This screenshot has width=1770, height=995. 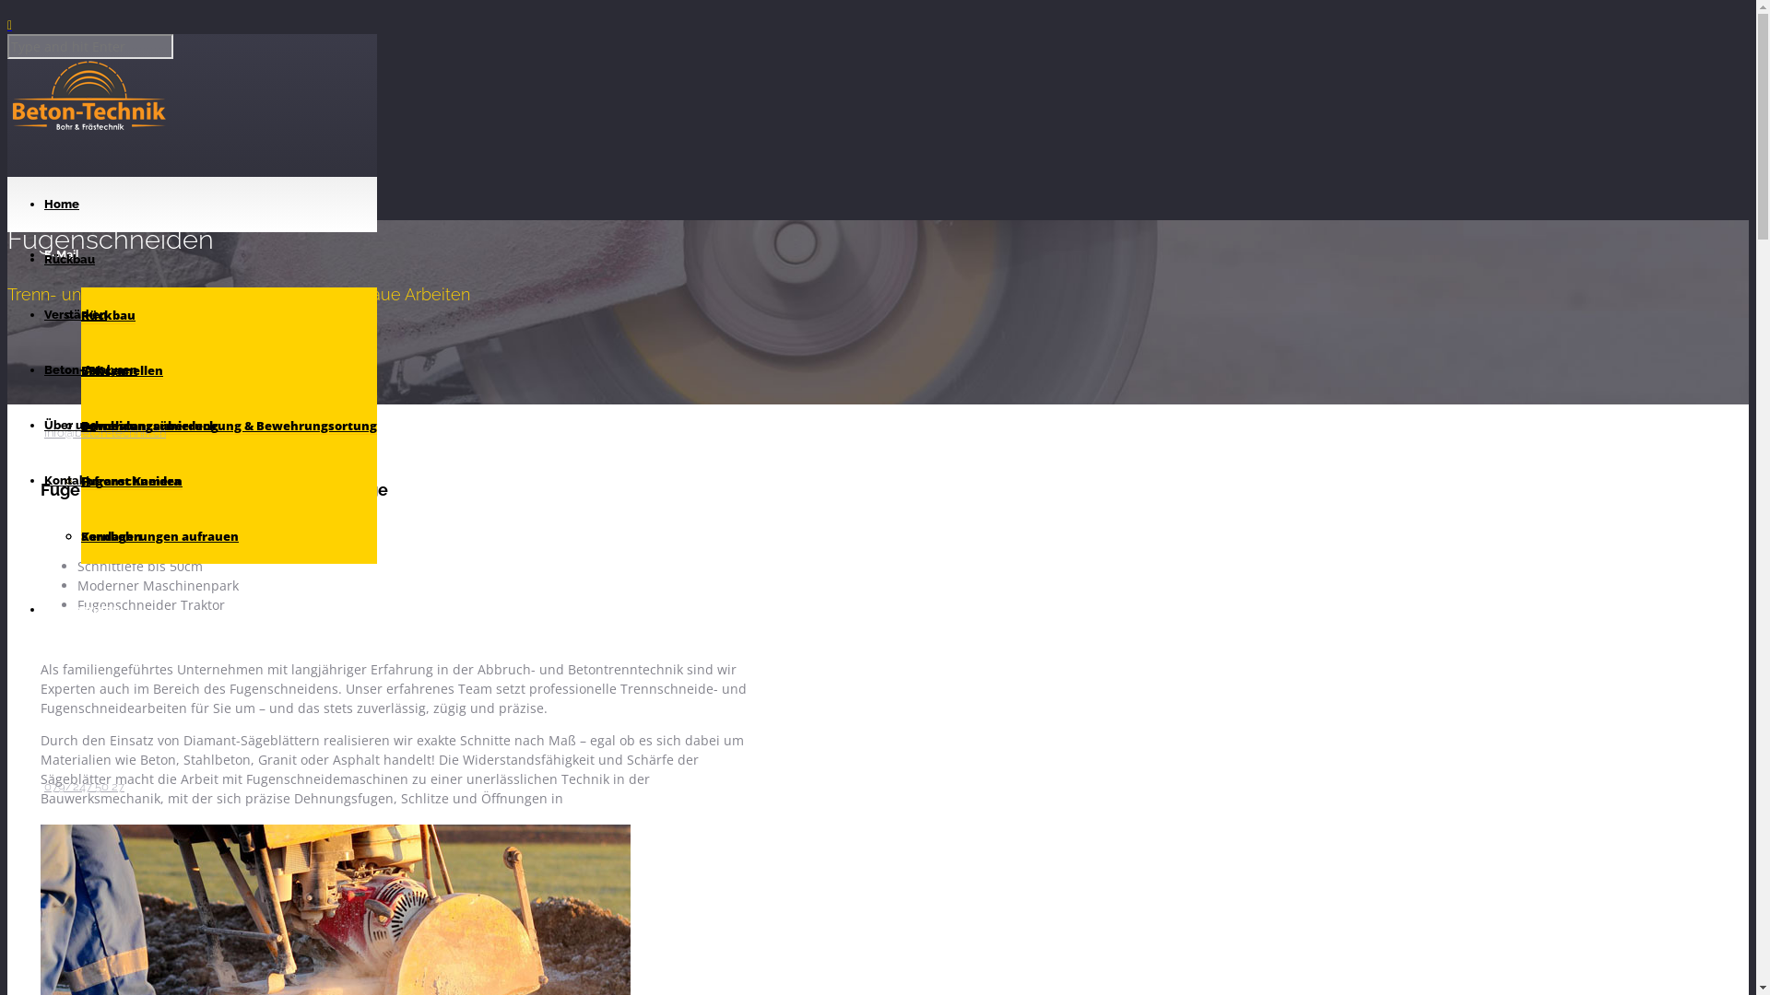 What do you see at coordinates (121, 370) in the screenshot?
I see `'CFK Lamellen'` at bounding box center [121, 370].